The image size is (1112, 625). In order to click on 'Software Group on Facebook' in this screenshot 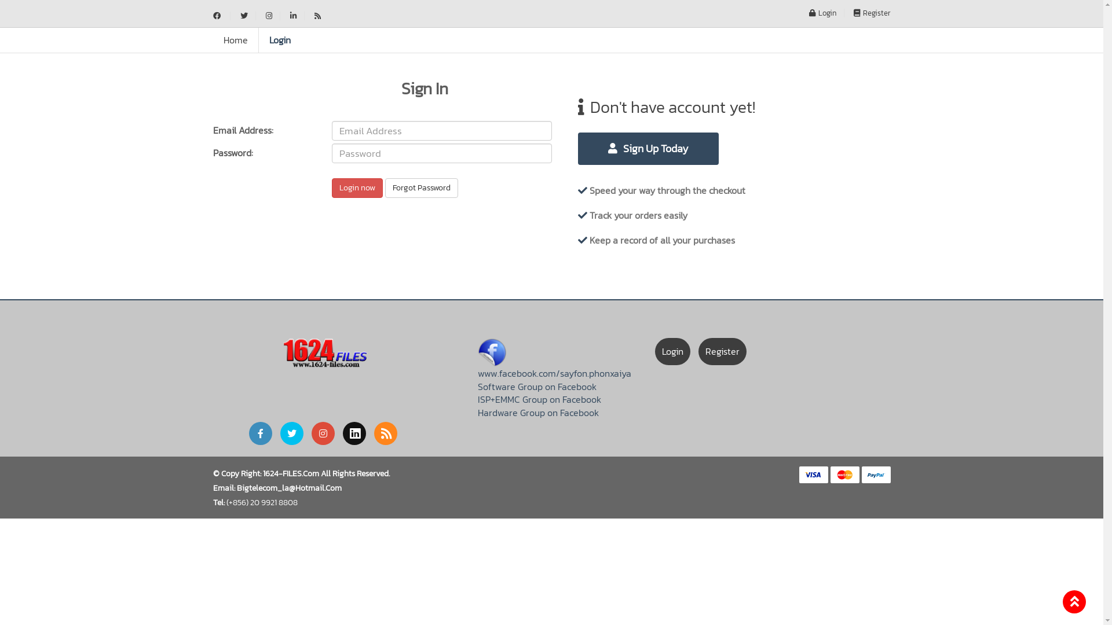, I will do `click(536, 386)`.